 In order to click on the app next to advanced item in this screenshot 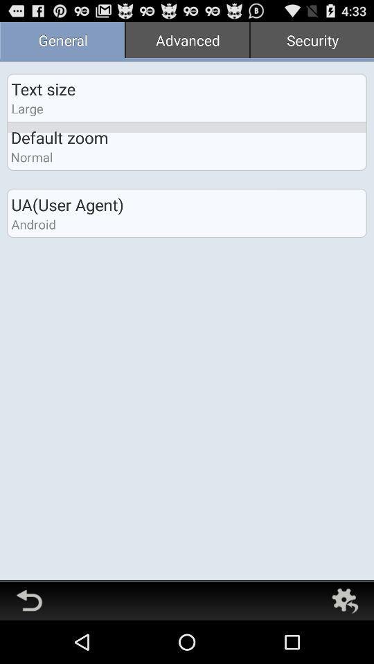, I will do `click(311, 41)`.